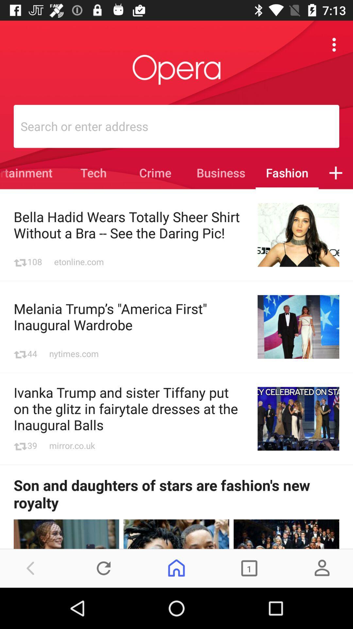 This screenshot has width=353, height=629. What do you see at coordinates (336, 173) in the screenshot?
I see `the add icon` at bounding box center [336, 173].